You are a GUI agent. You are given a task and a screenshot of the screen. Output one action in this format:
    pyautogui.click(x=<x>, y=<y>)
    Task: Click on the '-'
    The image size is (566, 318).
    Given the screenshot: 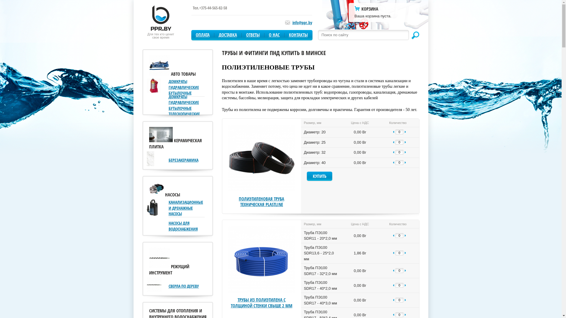 What is the action you would take?
    pyautogui.click(x=393, y=132)
    